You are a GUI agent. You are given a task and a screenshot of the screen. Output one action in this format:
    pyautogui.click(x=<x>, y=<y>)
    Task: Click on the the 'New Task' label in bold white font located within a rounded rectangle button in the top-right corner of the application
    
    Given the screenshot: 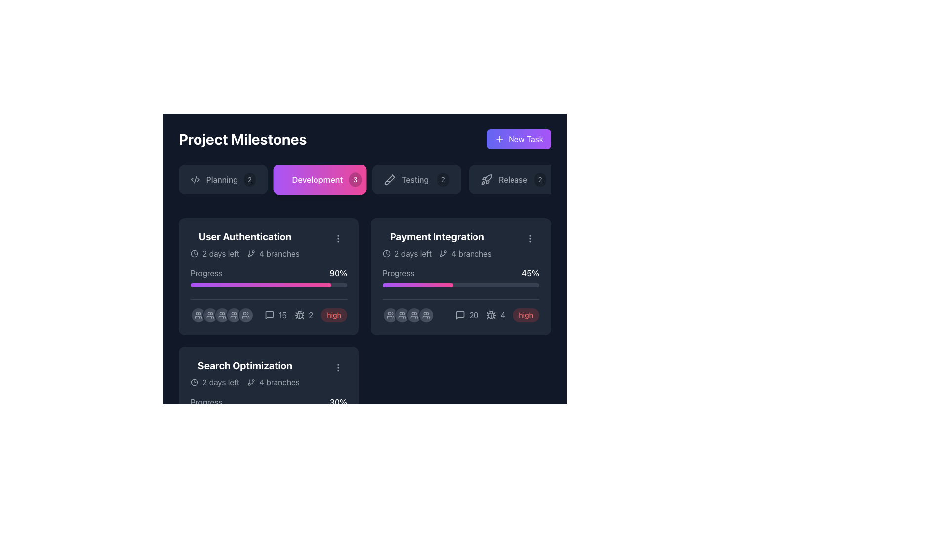 What is the action you would take?
    pyautogui.click(x=525, y=139)
    